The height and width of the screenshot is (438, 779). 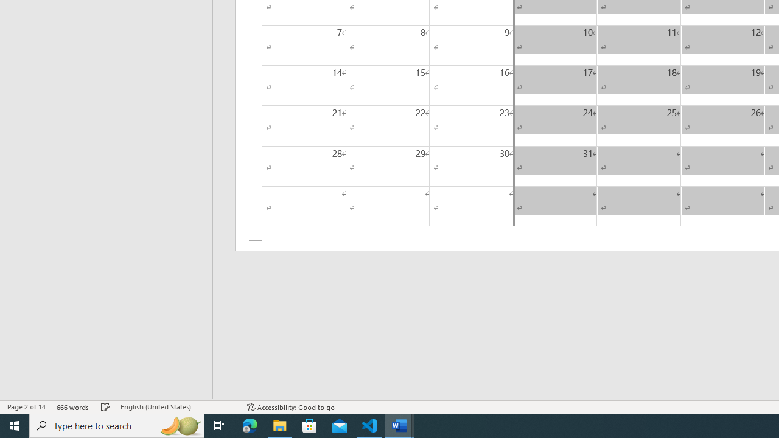 I want to click on 'Word Count 666 words', so click(x=72, y=407).